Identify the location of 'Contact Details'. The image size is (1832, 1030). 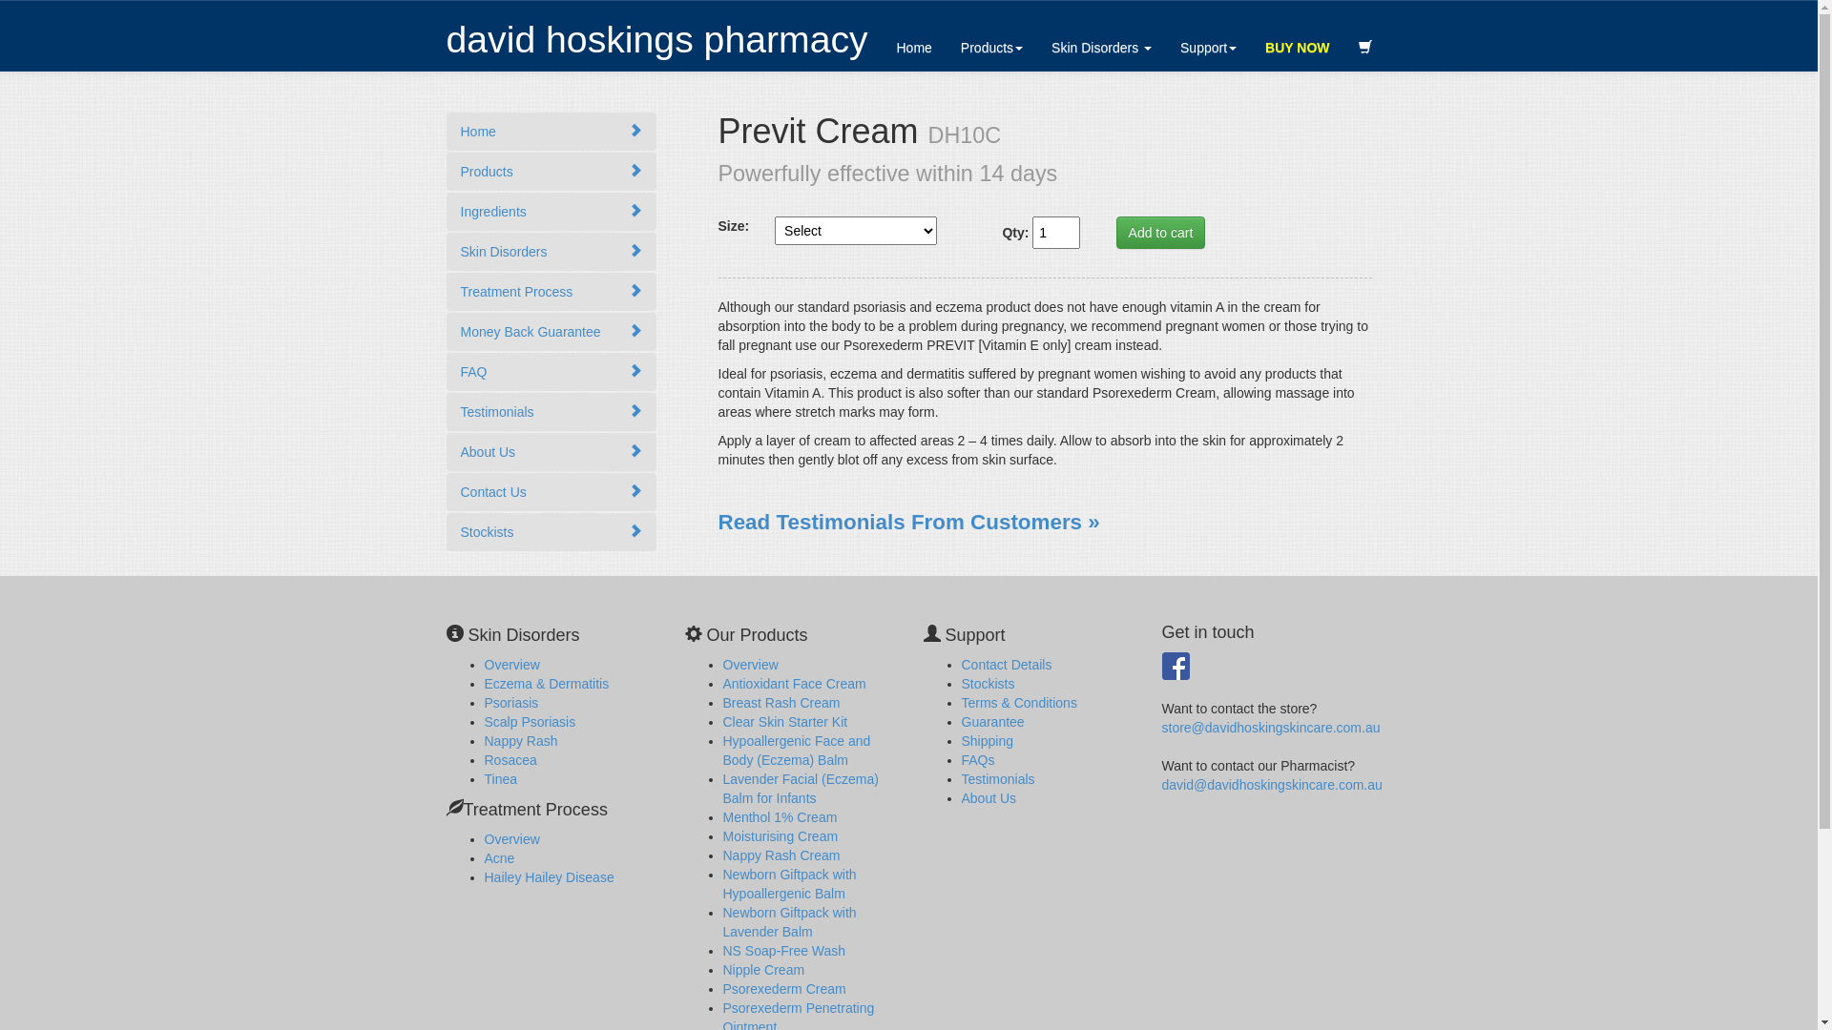
(1006, 664).